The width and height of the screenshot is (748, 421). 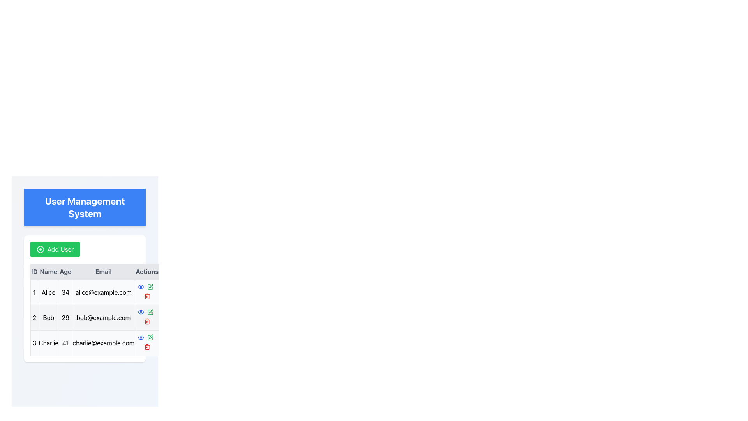 I want to click on the red trash bin icon in the 'Actions' column of the third row, so click(x=147, y=347).